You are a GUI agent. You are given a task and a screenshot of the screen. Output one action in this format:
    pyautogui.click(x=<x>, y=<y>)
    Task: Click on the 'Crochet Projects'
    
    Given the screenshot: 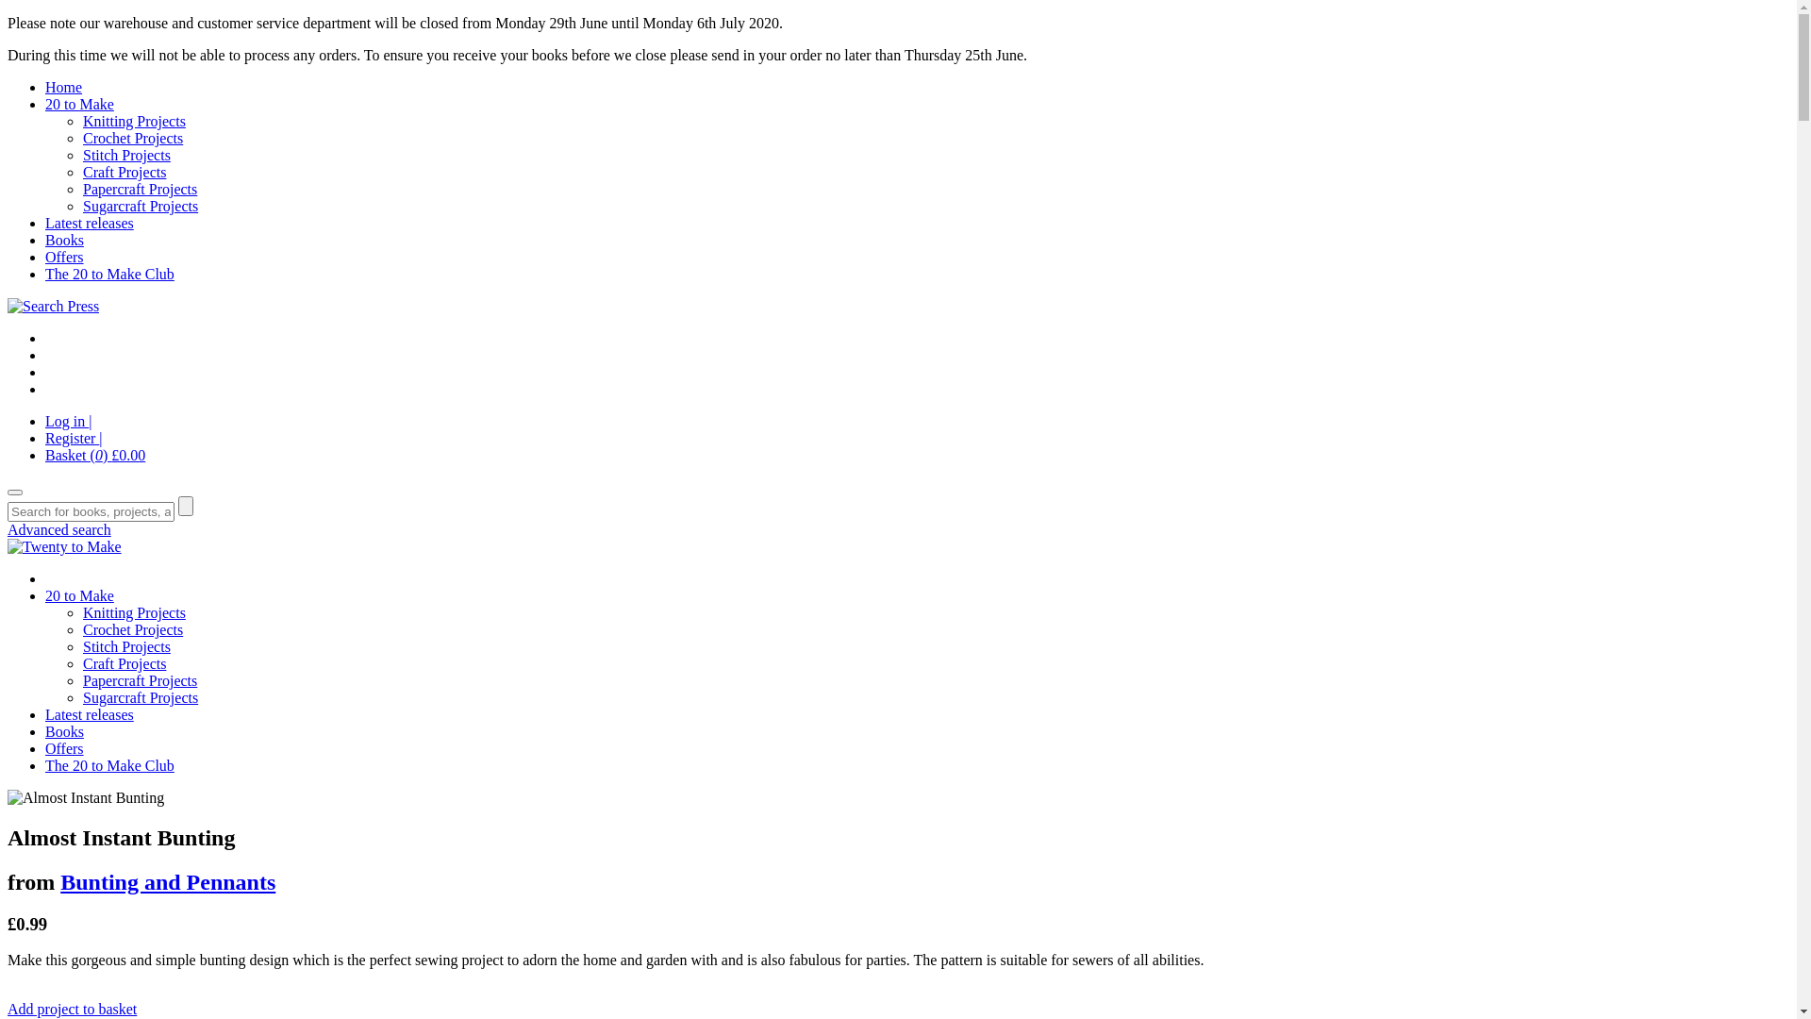 What is the action you would take?
    pyautogui.click(x=131, y=629)
    